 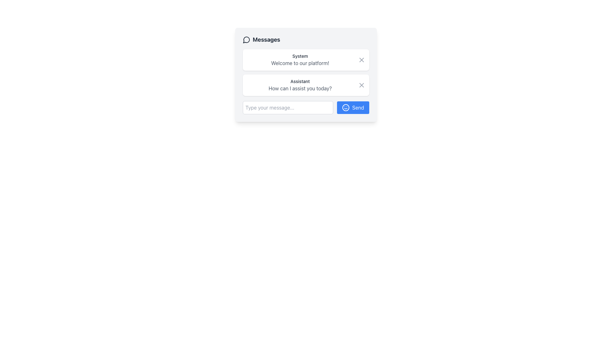 I want to click on welcome message displayed in the Text Display element located within the 'Messages' section, which shows 'Welcome to our platform!' under the heading 'System', so click(x=300, y=60).